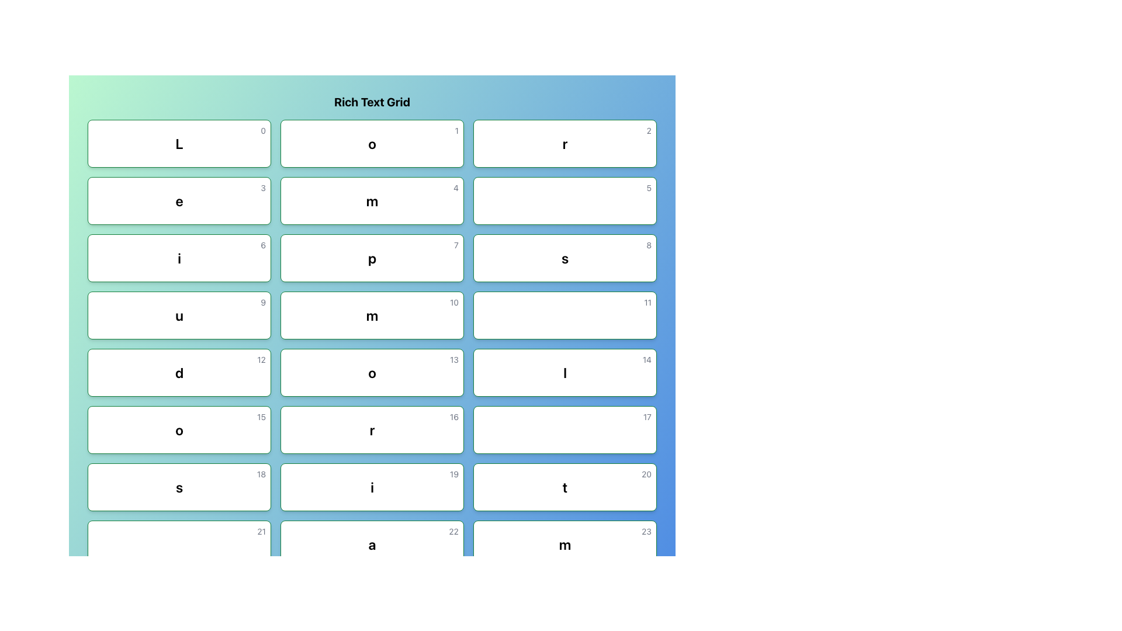 The width and height of the screenshot is (1122, 631). I want to click on the text element displaying the letter 'm' located in the last cell of the grid (row six, column four) by clicking on it, so click(565, 545).